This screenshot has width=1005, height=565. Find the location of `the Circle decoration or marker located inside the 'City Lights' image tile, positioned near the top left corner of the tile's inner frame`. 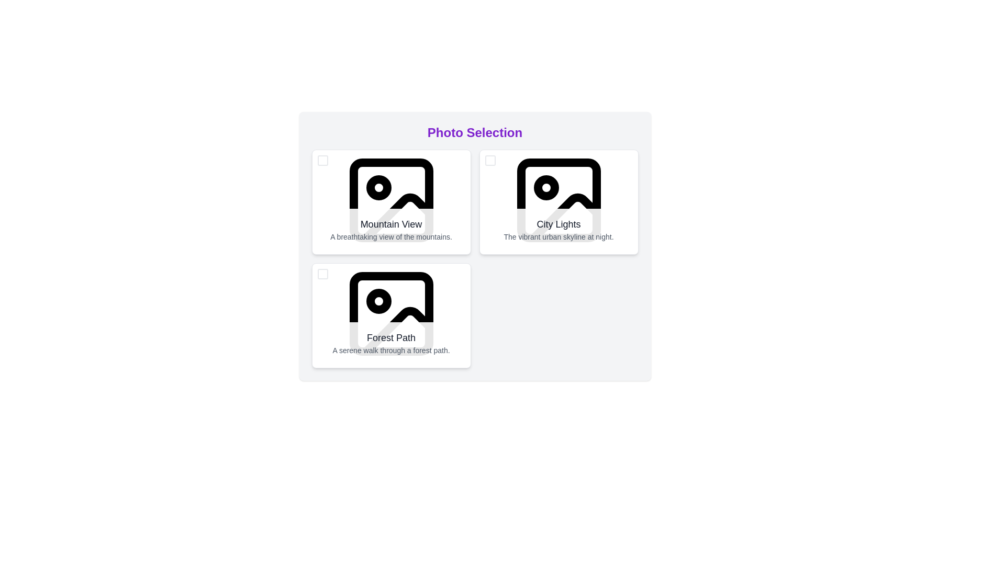

the Circle decoration or marker located inside the 'City Lights' image tile, positioned near the top left corner of the tile's inner frame is located at coordinates (545, 187).